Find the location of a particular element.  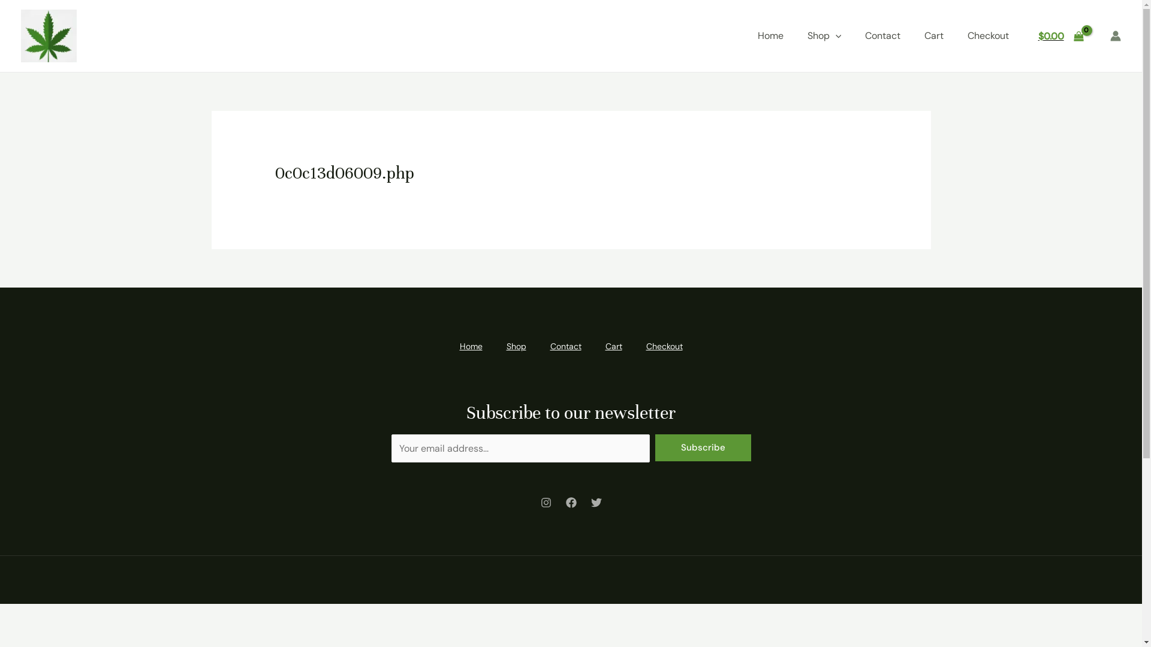

'Home' is located at coordinates (770, 35).